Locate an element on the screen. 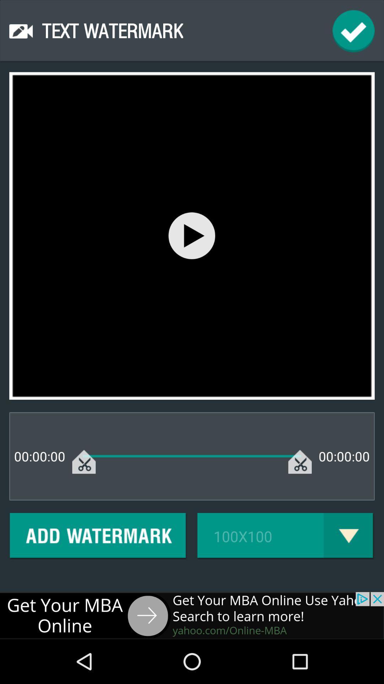  finish the text watermark is located at coordinates (353, 31).